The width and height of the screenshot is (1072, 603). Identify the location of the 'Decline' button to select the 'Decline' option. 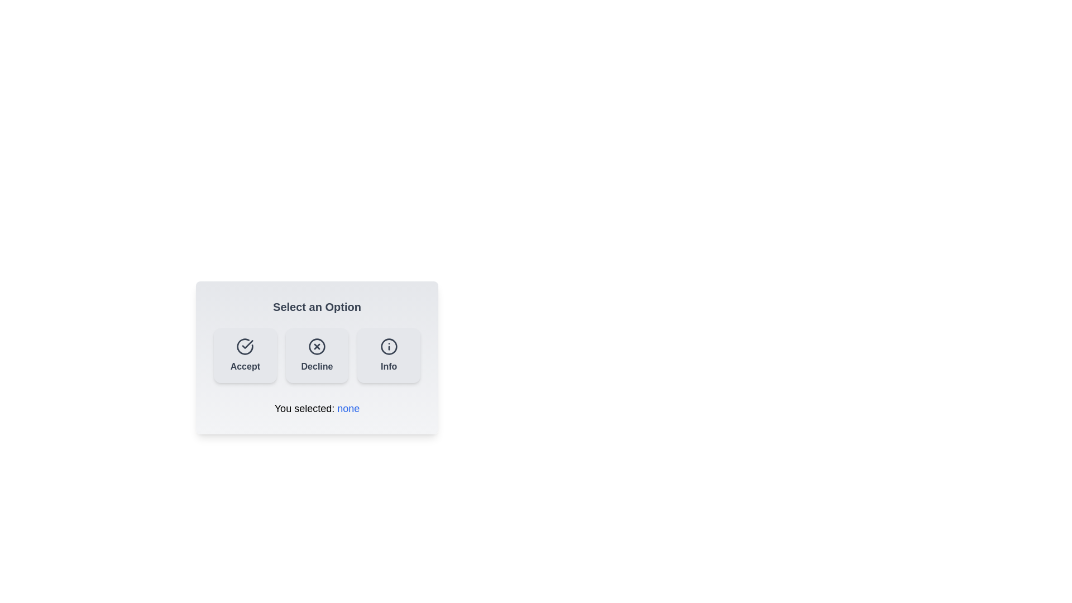
(316, 355).